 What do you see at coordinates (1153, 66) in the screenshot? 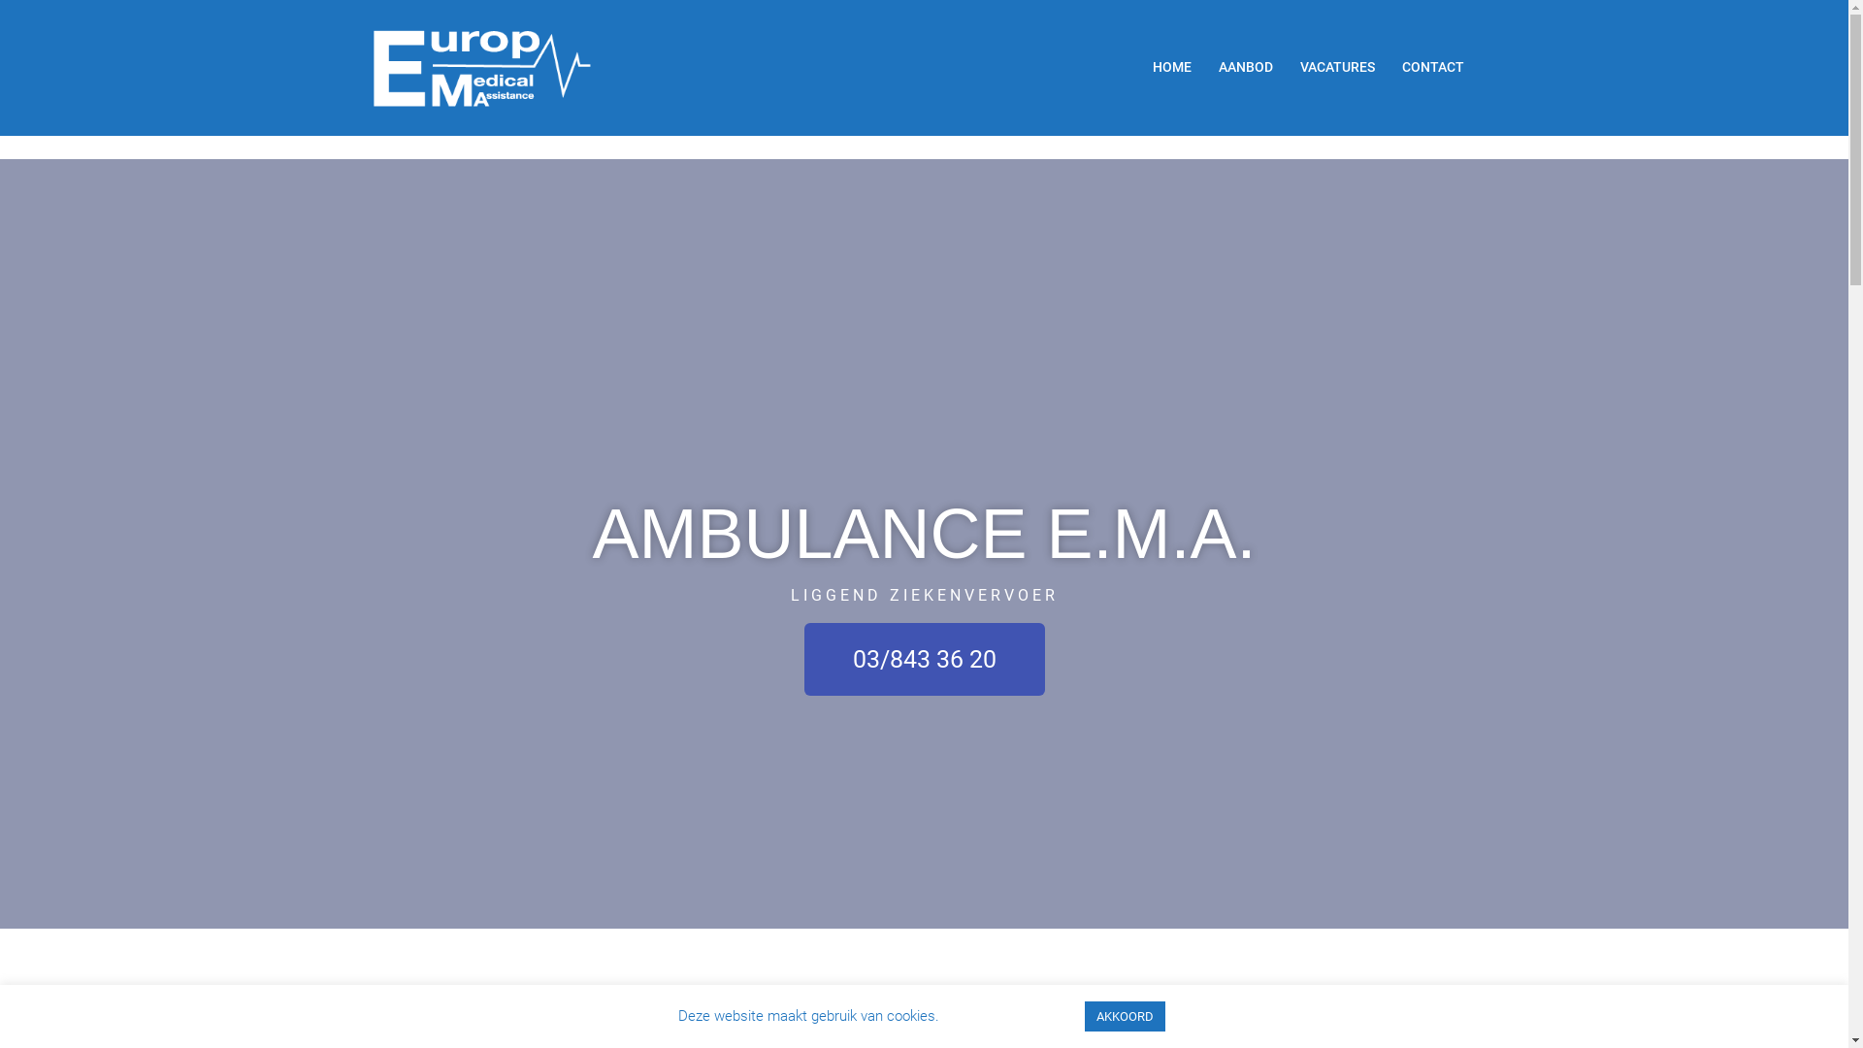
I see `'HOME'` at bounding box center [1153, 66].